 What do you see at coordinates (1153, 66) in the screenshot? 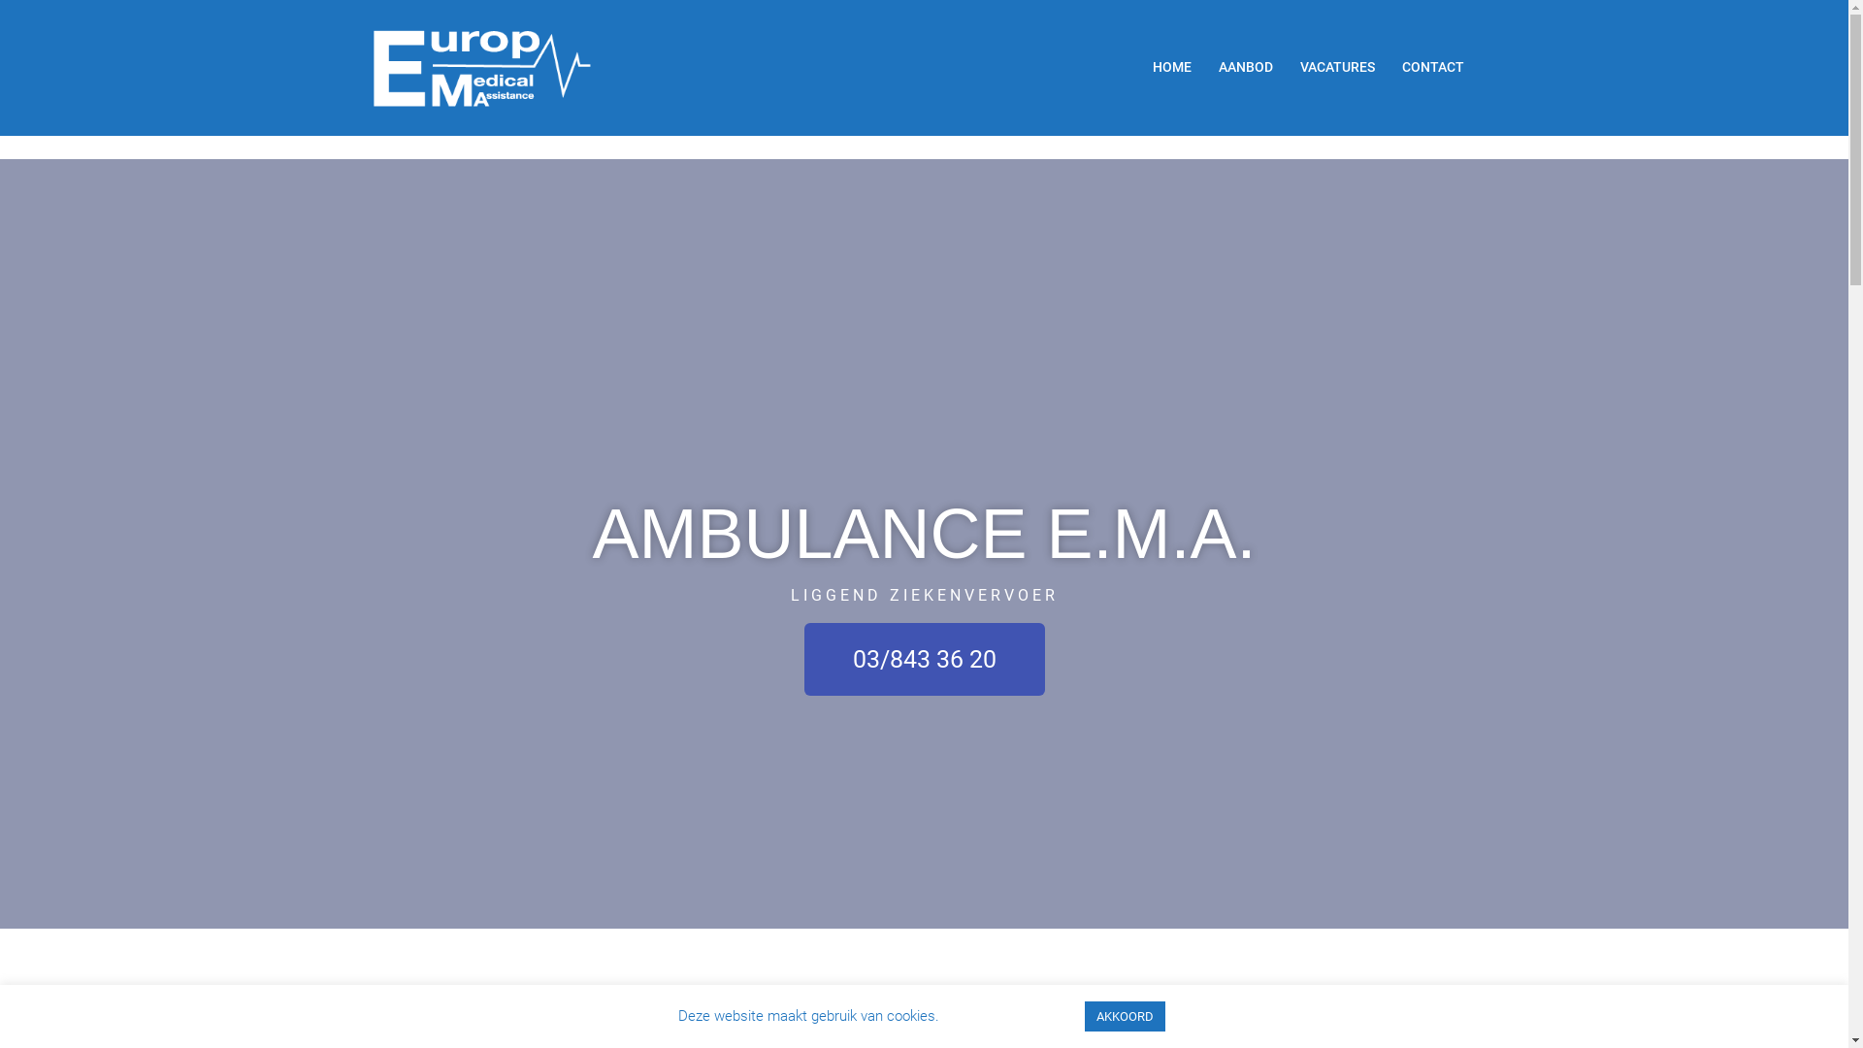
I see `'HOME'` at bounding box center [1153, 66].